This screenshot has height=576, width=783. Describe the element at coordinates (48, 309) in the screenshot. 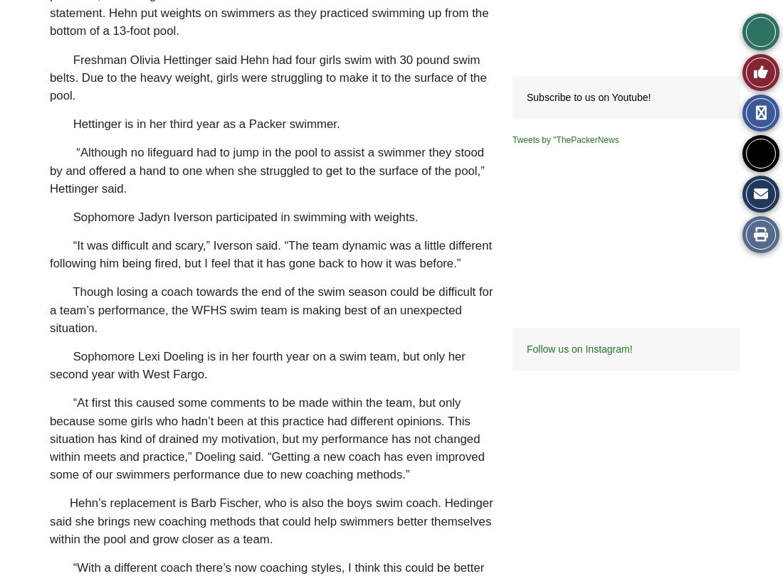

I see `'Though losing a coach towards the end of the swim season could be difficult for a team’s performance, the WFHS swim team is making best of an unexpected situation.'` at that location.